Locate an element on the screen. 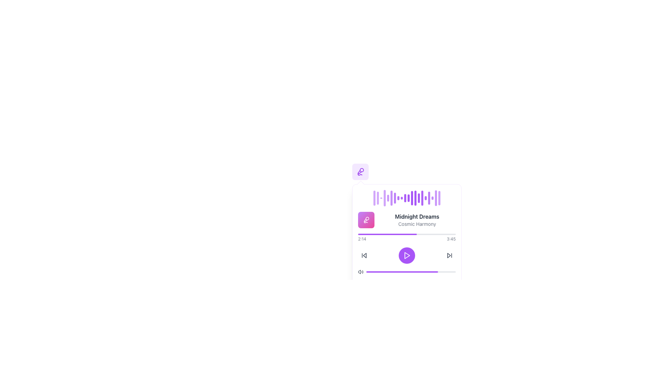 The image size is (656, 369). the progress is located at coordinates (424, 271).